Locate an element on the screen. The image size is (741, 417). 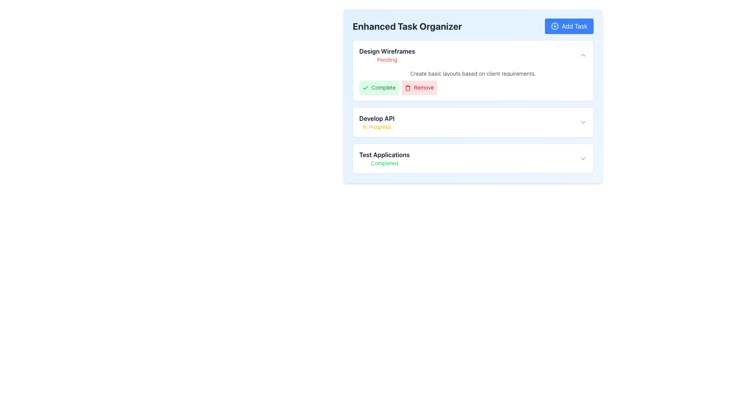
the text label that reads 'Create basic layouts based on client requirements.' which is styled in gray color and is part of the task description section under 'Design Wireframes' is located at coordinates (472, 74).